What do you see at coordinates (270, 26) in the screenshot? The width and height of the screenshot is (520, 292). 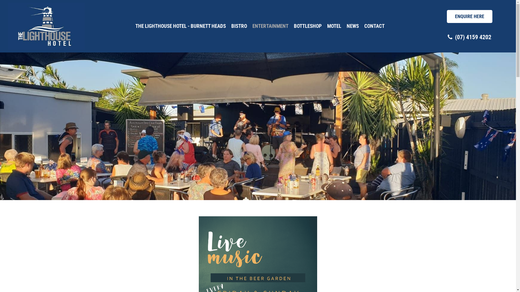 I see `'ENTERTAINMENT'` at bounding box center [270, 26].